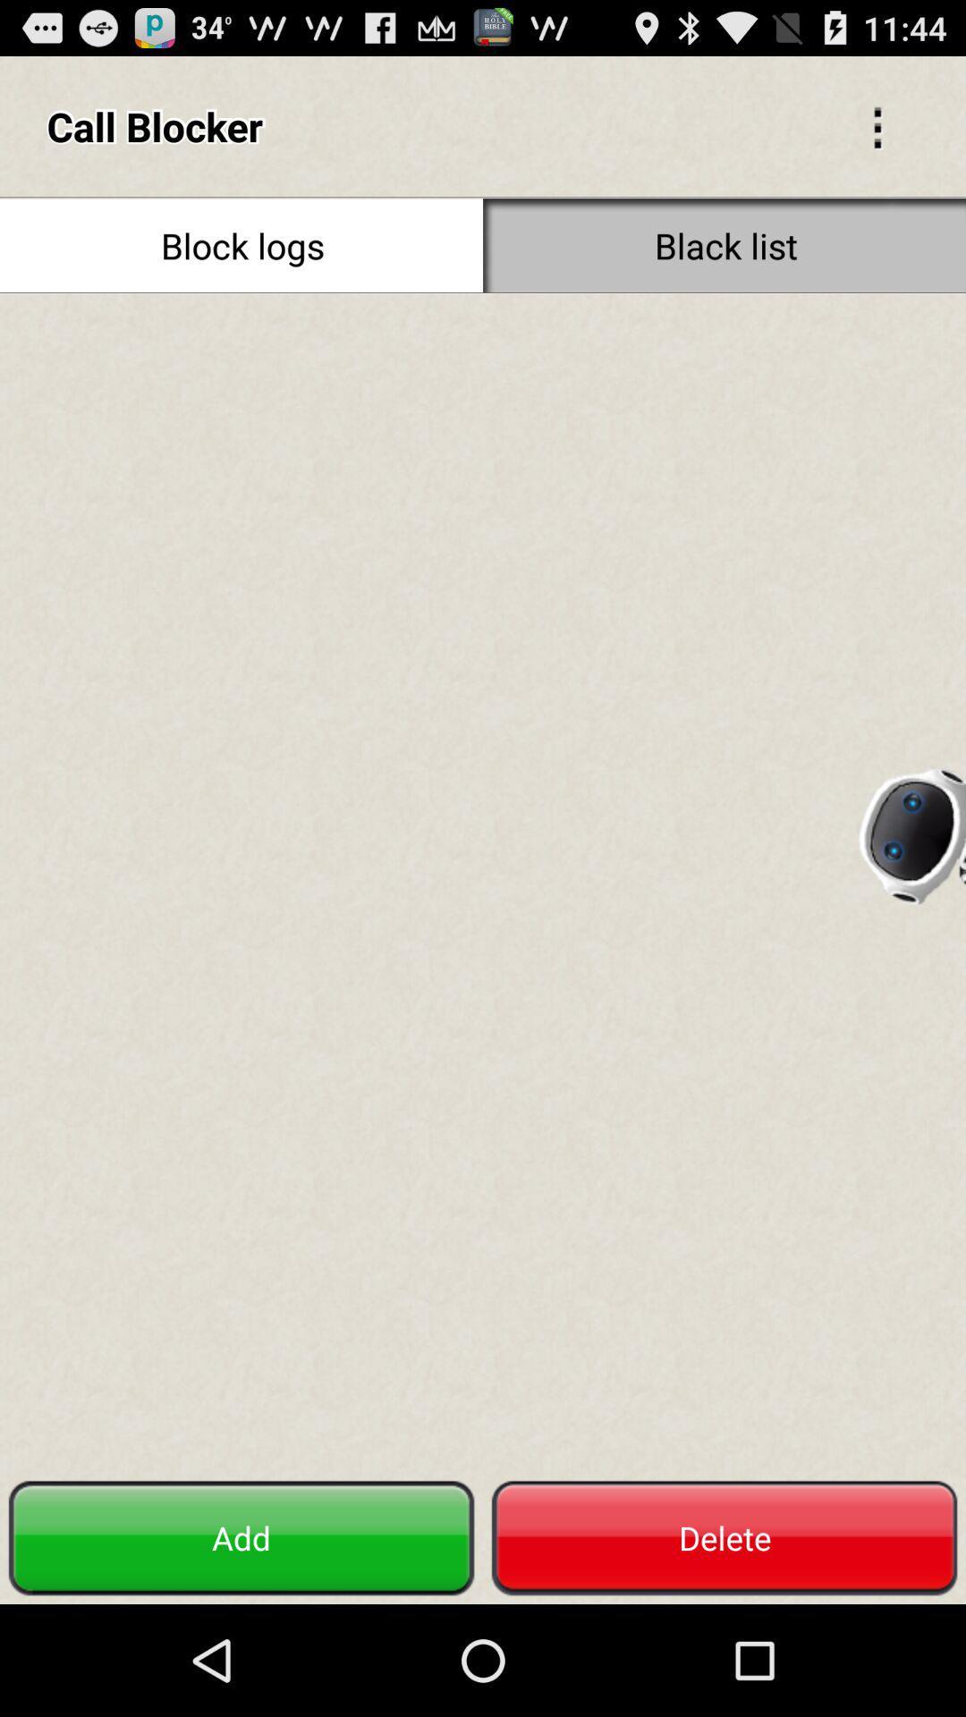 This screenshot has width=966, height=1717. Describe the element at coordinates (724, 1537) in the screenshot. I see `the button next to the add button` at that location.